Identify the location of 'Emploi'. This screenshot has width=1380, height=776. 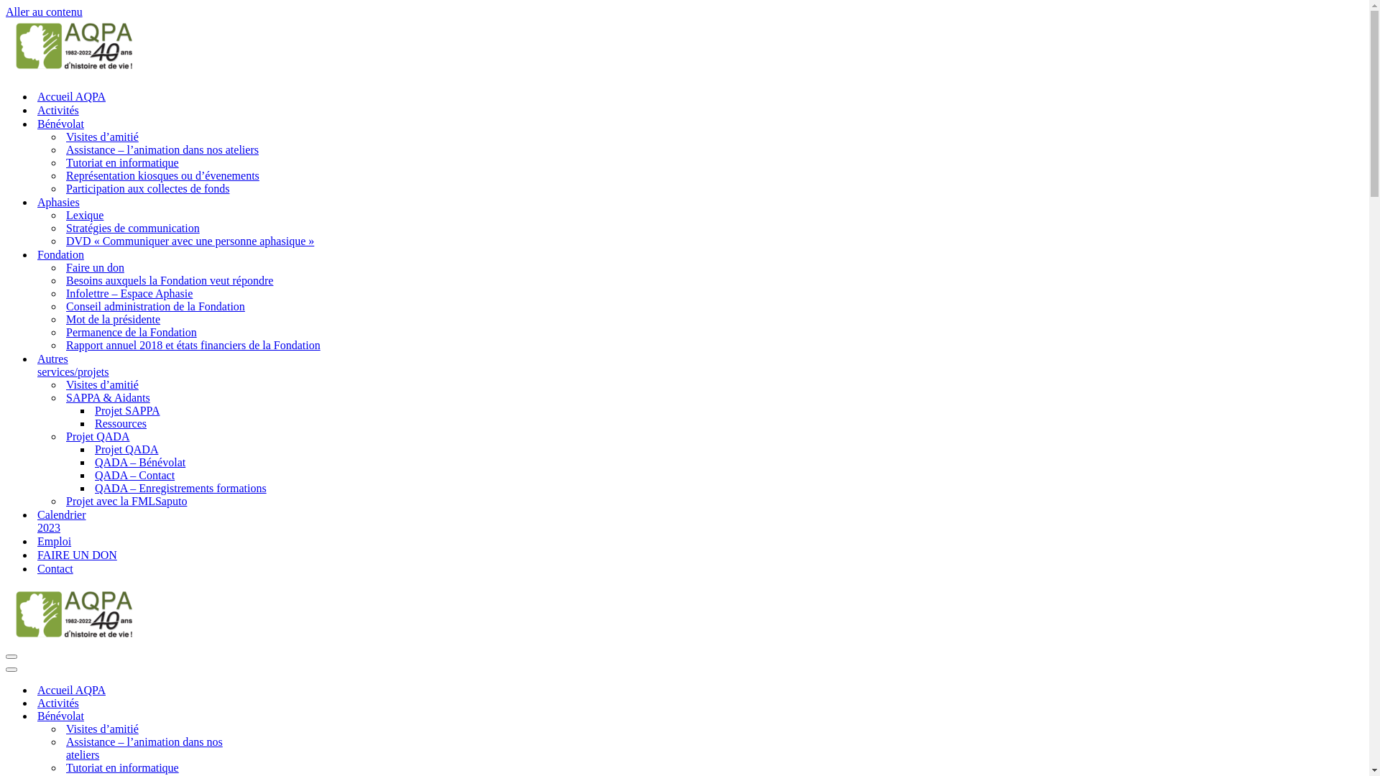
(54, 541).